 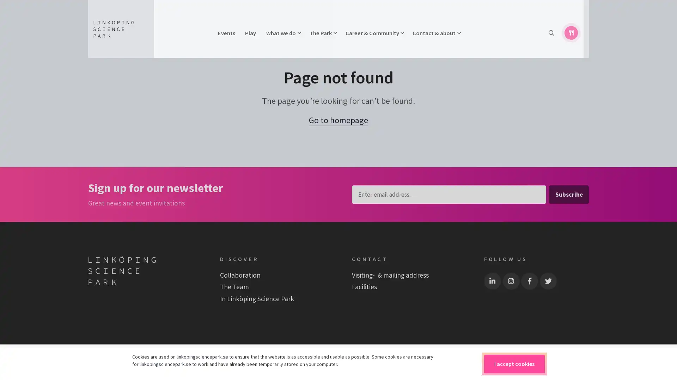 What do you see at coordinates (567, 194) in the screenshot?
I see `Subscribe` at bounding box center [567, 194].